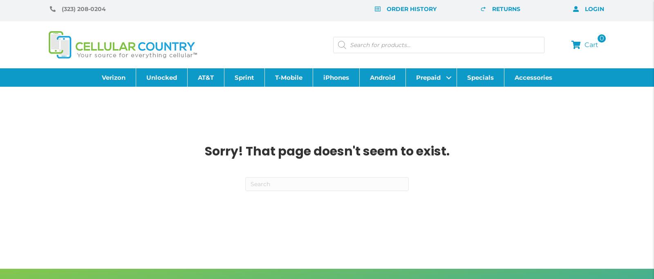 Image resolution: width=654 pixels, height=279 pixels. What do you see at coordinates (244, 77) in the screenshot?
I see `'Sprint'` at bounding box center [244, 77].